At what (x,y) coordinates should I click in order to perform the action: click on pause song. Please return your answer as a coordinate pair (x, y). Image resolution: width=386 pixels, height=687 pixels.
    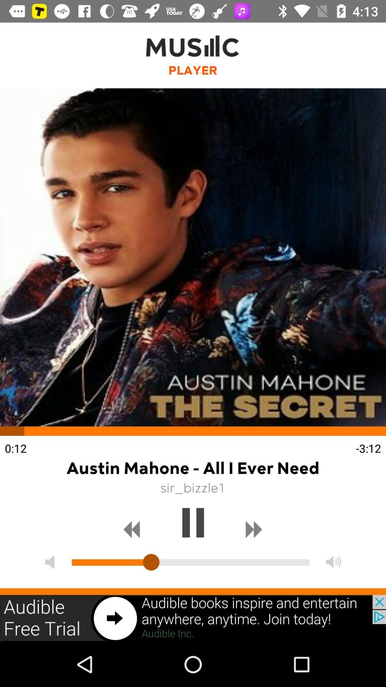
    Looking at the image, I should click on (193, 523).